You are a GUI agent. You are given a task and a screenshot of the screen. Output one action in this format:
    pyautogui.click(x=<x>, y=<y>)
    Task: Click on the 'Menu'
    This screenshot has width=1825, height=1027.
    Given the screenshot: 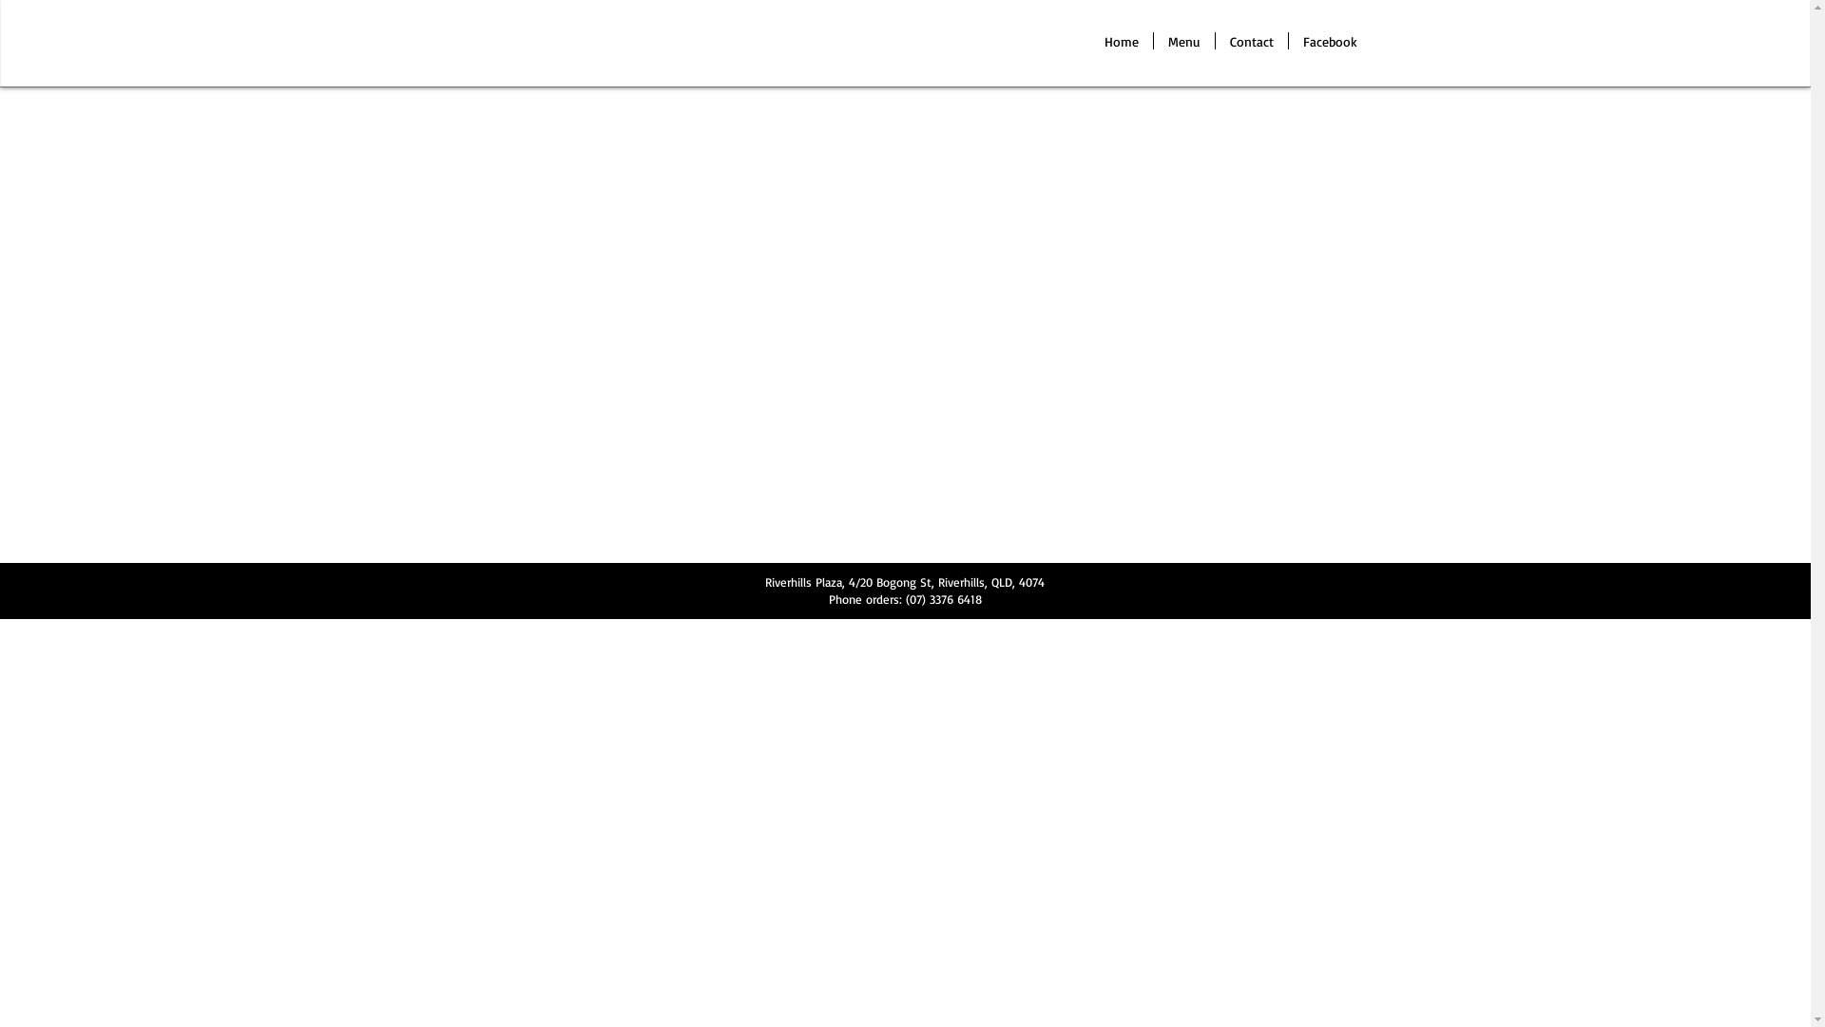 What is the action you would take?
    pyautogui.click(x=1183, y=40)
    